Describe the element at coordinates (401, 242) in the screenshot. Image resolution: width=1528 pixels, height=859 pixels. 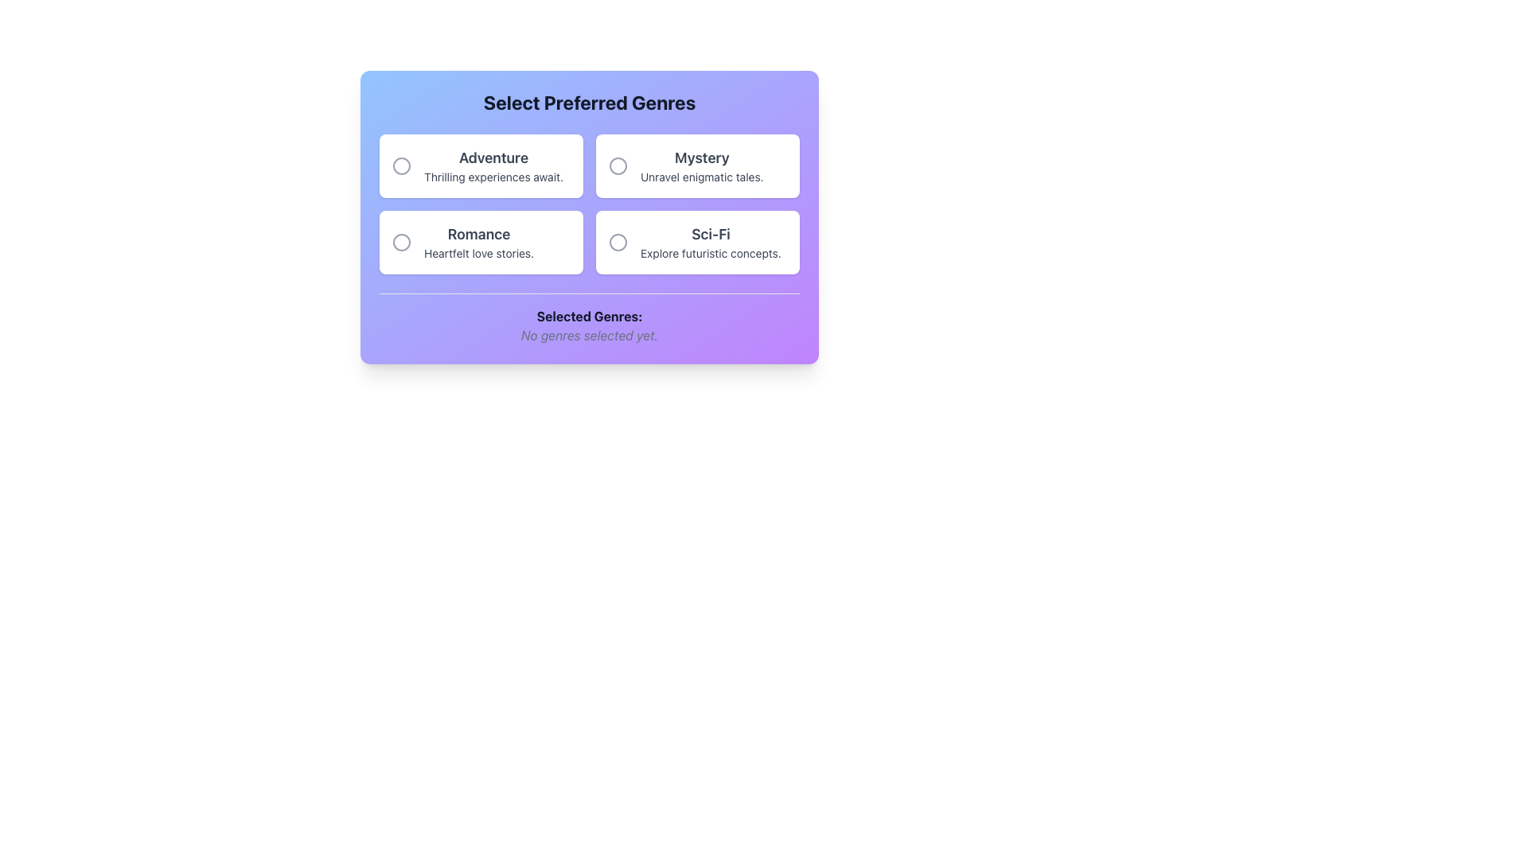
I see `the circle icon for the 'Romance' genre selection` at that location.